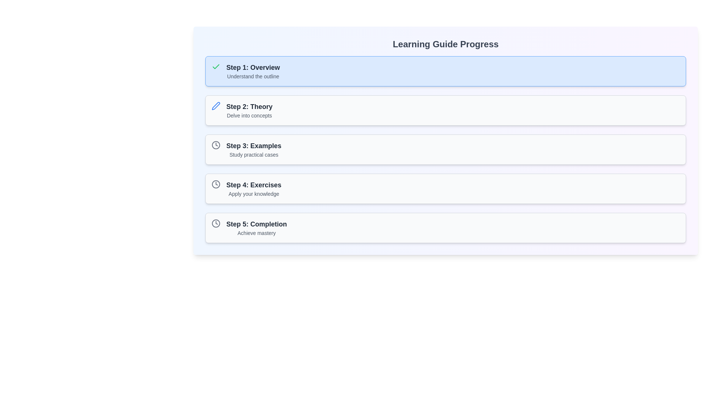  Describe the element at coordinates (254, 146) in the screenshot. I see `header text for step 3 in the learning guide, which is a bold title above the description 'Study practical cases'` at that location.